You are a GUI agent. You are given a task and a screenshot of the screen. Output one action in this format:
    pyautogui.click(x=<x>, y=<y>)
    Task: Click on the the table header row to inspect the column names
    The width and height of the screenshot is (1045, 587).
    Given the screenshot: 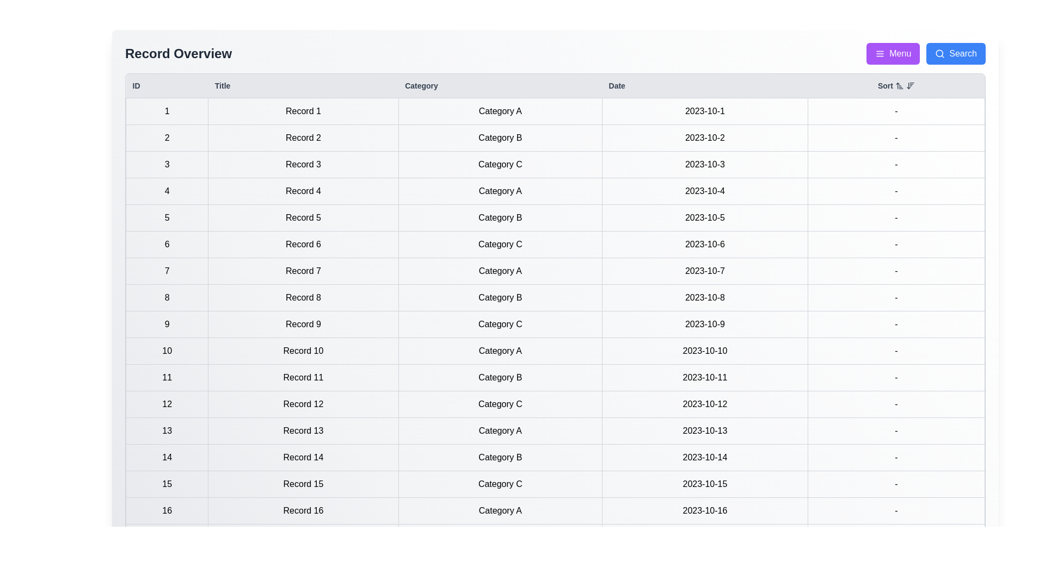 What is the action you would take?
    pyautogui.click(x=555, y=85)
    